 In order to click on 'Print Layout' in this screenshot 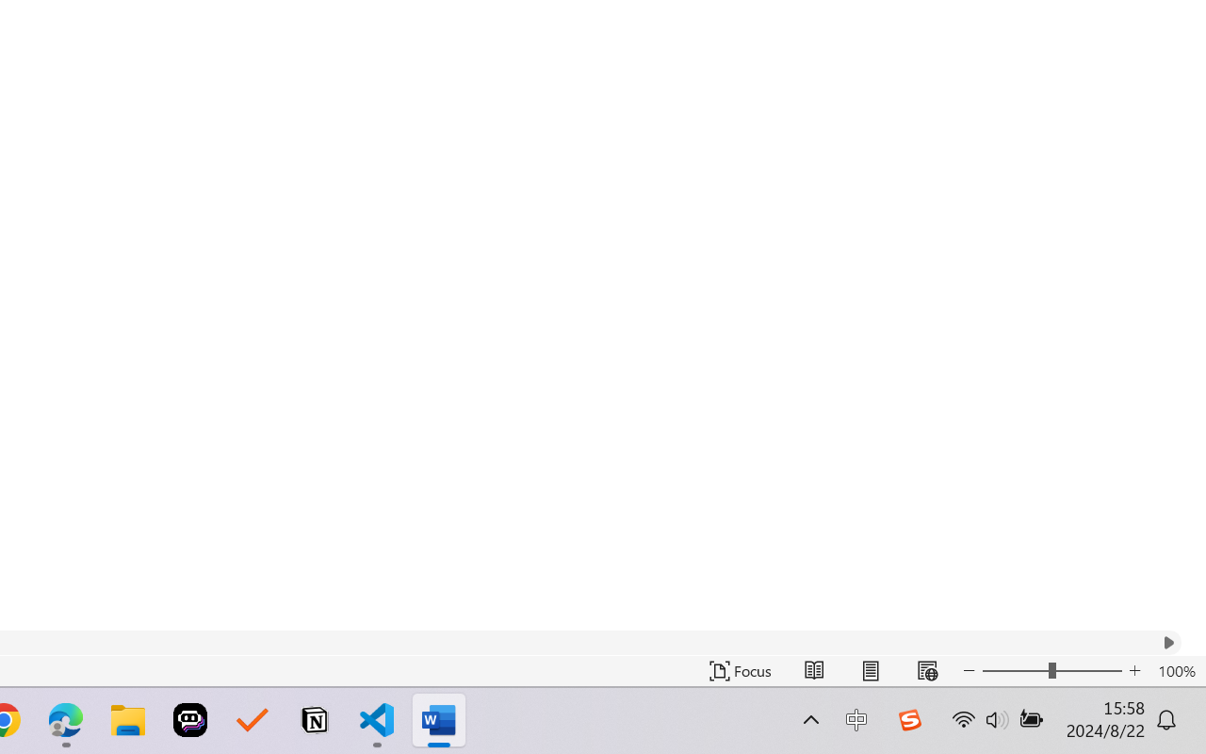, I will do `click(870, 670)`.